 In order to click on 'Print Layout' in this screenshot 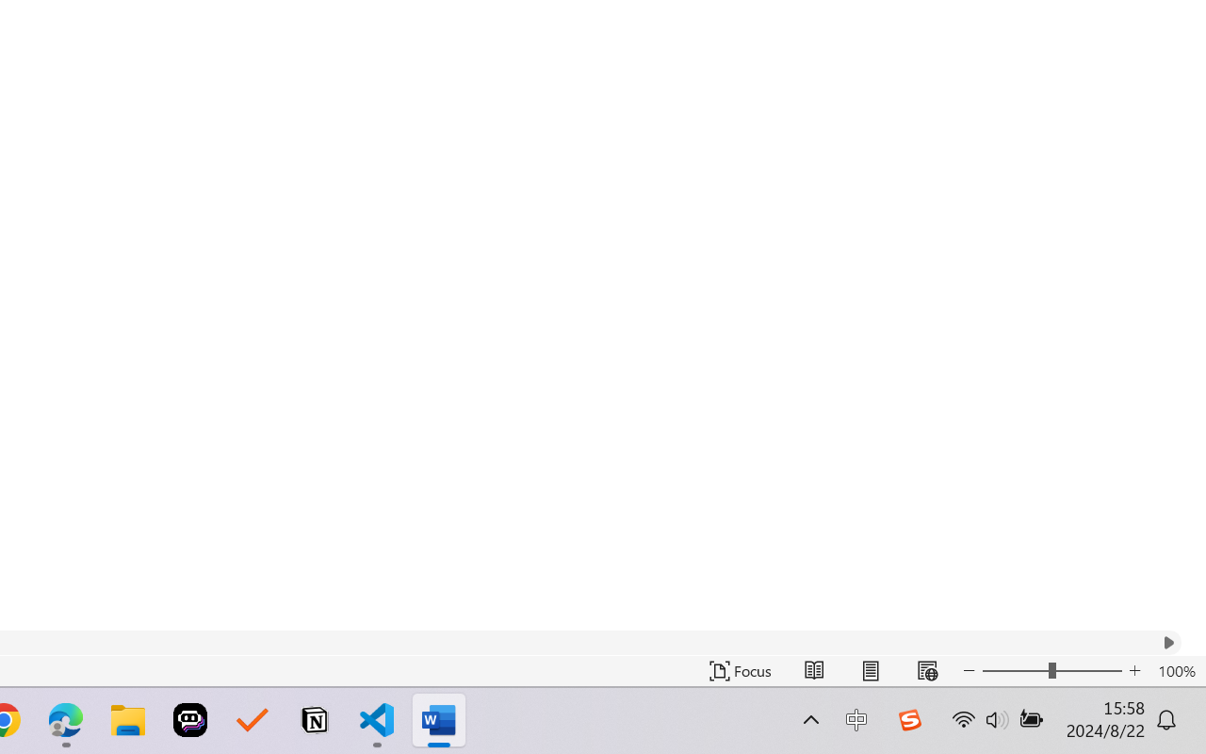, I will do `click(870, 670)`.